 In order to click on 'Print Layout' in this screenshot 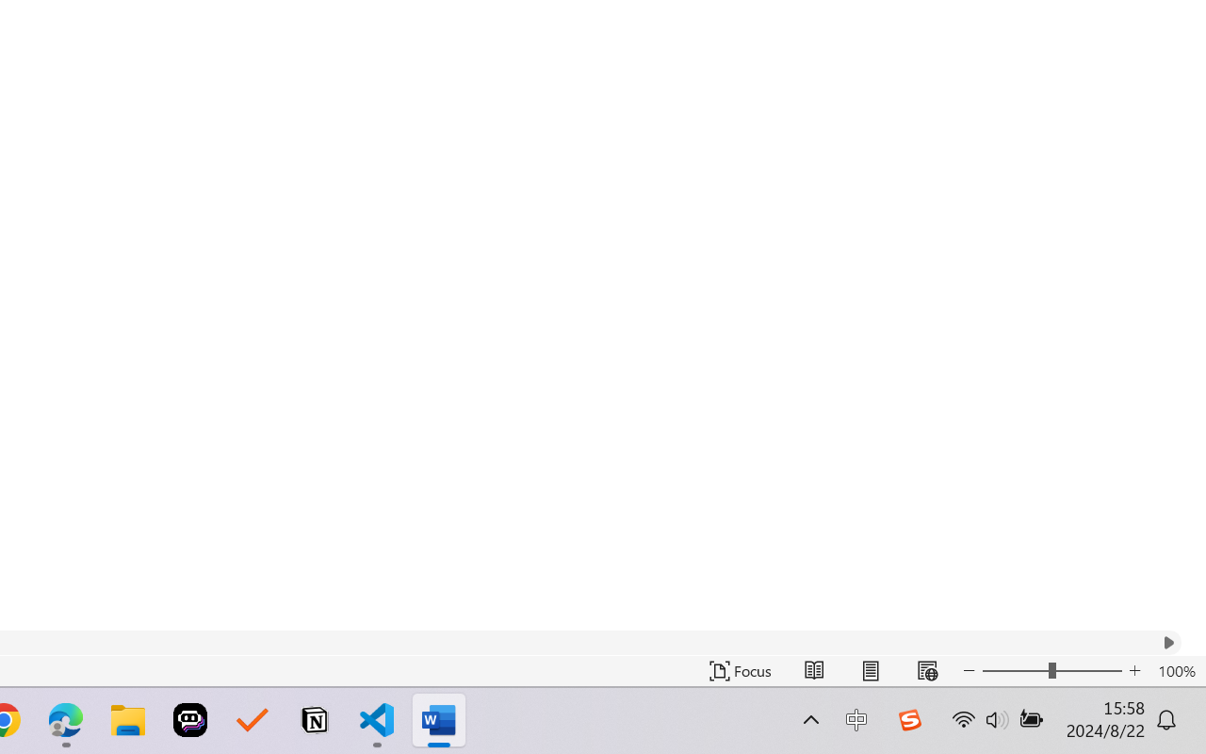, I will do `click(870, 670)`.